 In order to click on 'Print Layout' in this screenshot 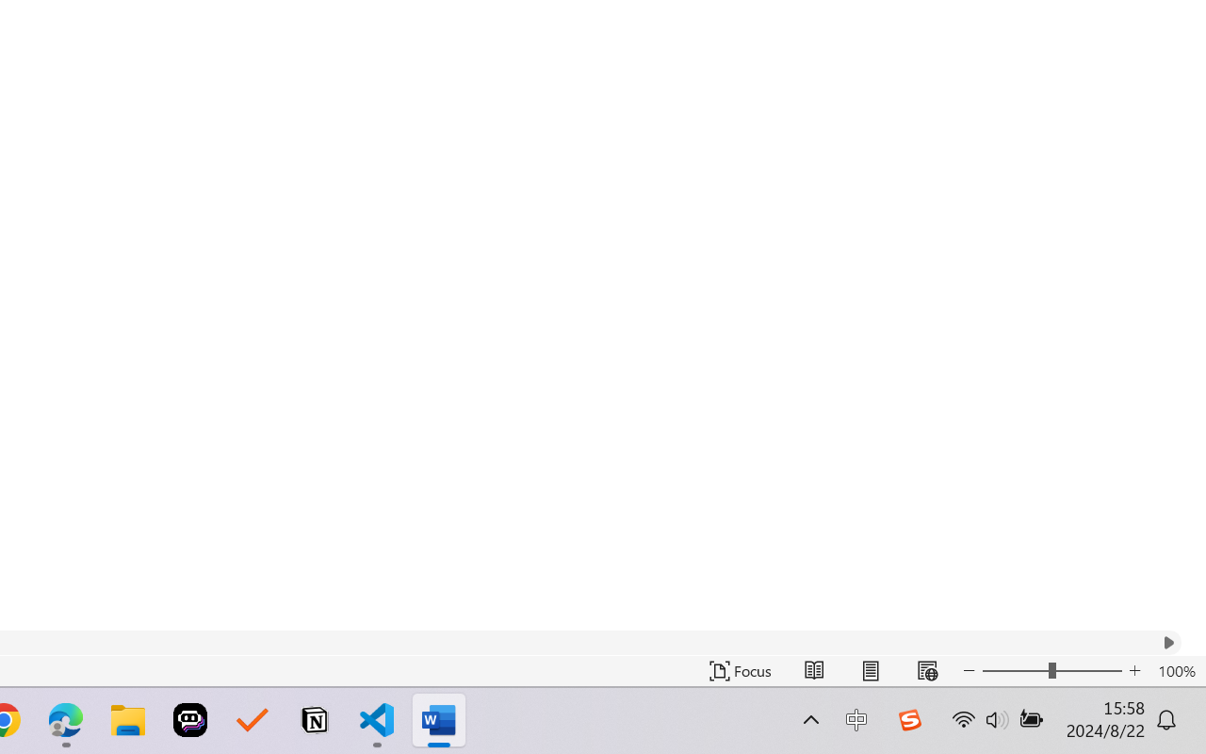, I will do `click(870, 670)`.